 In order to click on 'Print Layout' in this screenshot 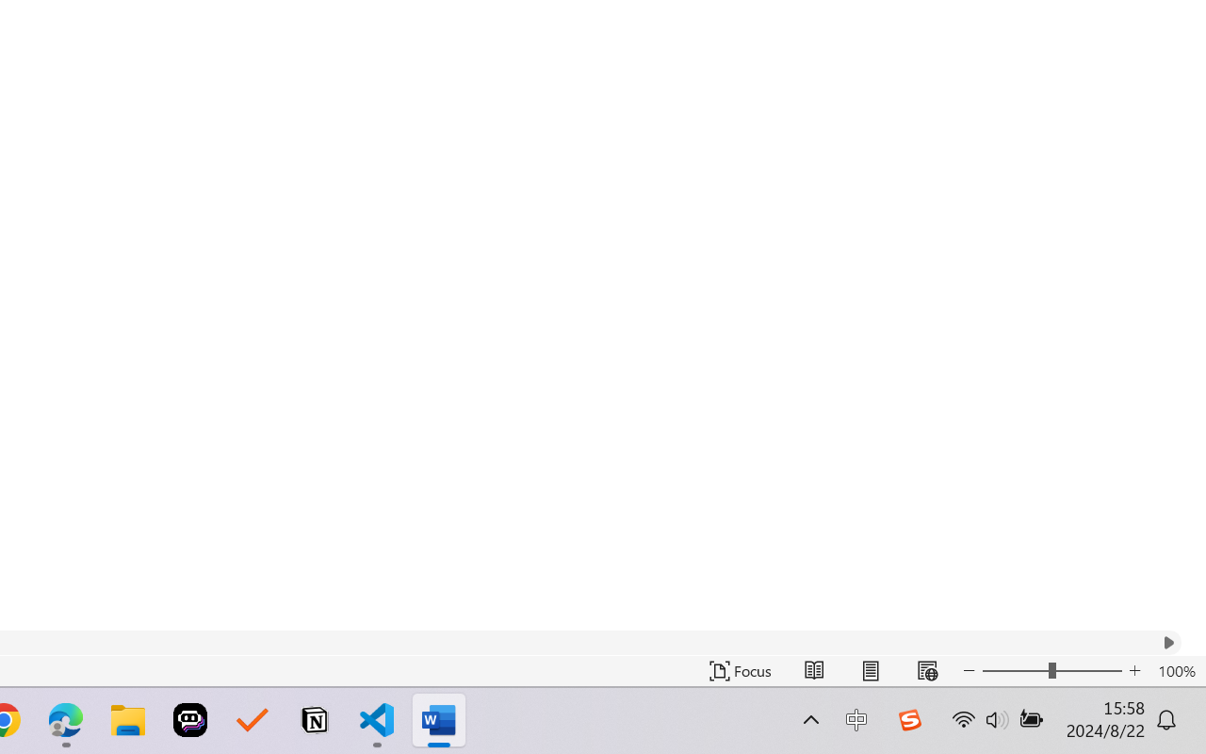, I will do `click(870, 670)`.